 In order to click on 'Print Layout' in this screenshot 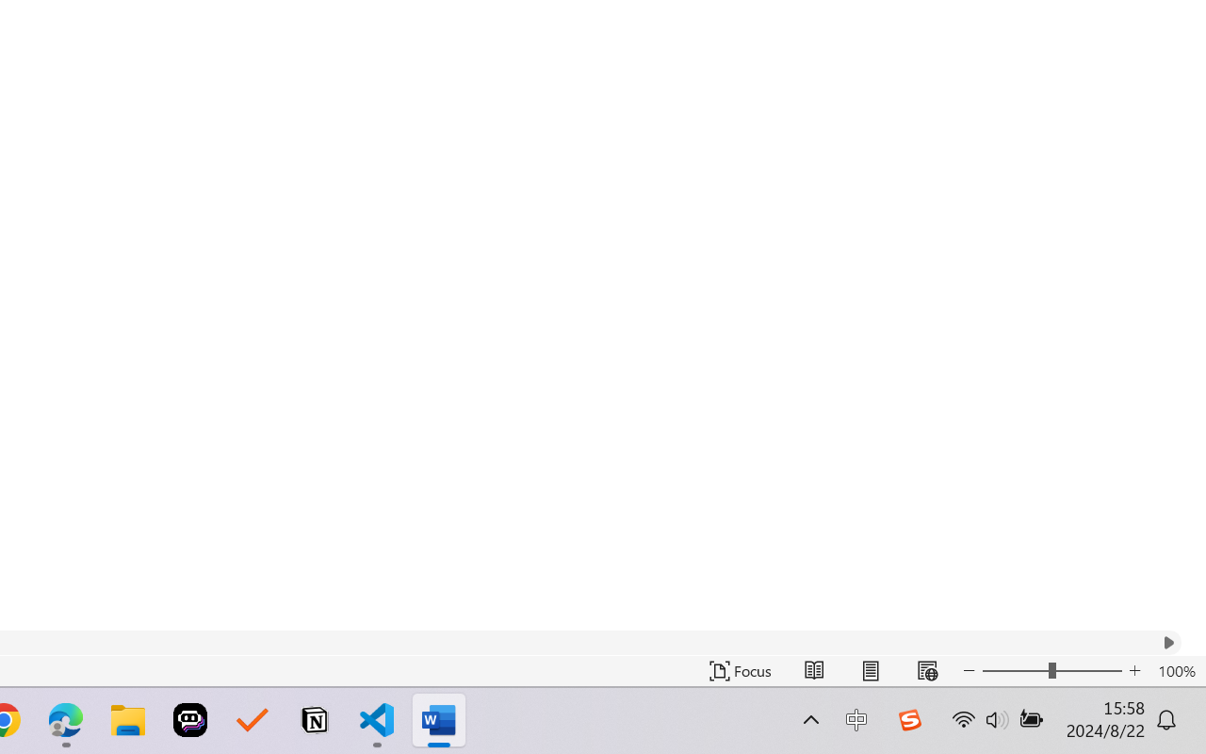, I will do `click(870, 670)`.